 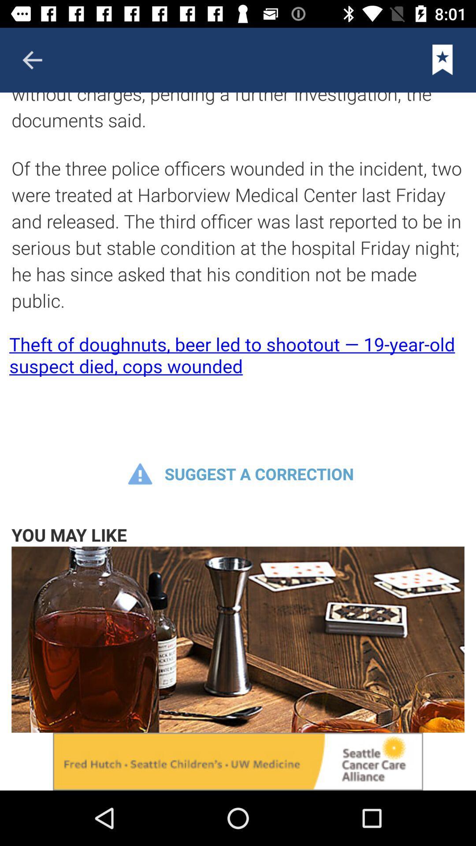 What do you see at coordinates (32, 59) in the screenshot?
I see `the arrow_backward icon` at bounding box center [32, 59].